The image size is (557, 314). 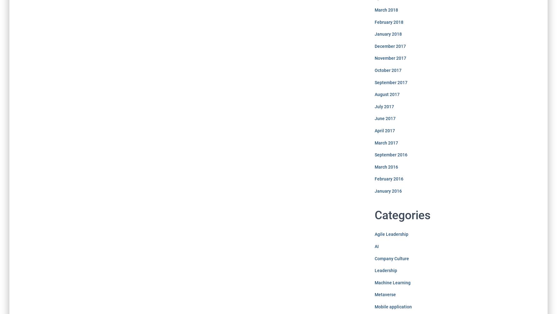 What do you see at coordinates (392, 282) in the screenshot?
I see `'Machine Learning'` at bounding box center [392, 282].